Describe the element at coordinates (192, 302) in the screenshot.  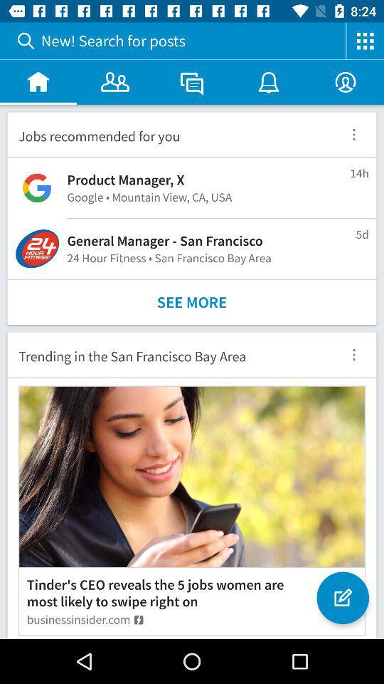
I see `icon above the trending in the` at that location.